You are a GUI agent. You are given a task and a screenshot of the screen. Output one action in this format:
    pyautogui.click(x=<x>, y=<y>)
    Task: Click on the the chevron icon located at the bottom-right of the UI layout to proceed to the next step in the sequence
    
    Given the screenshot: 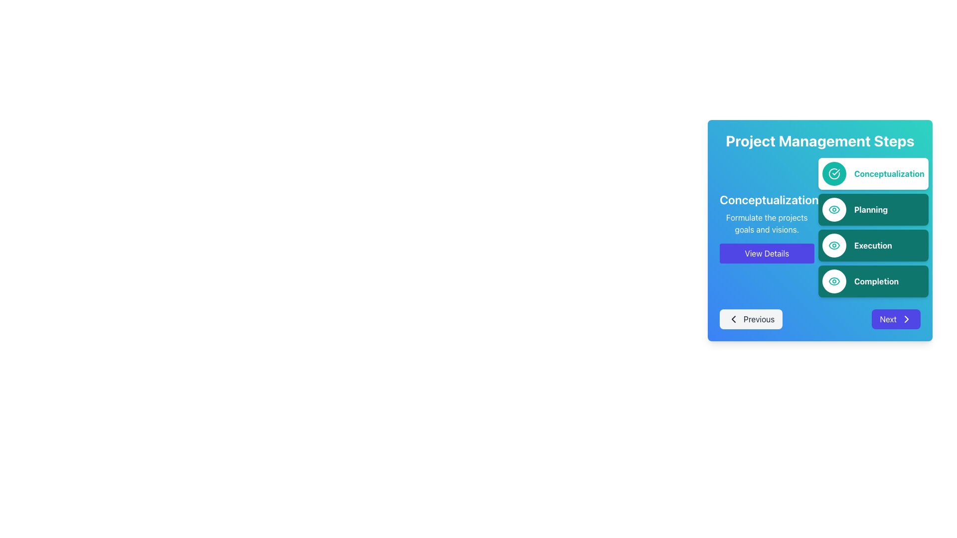 What is the action you would take?
    pyautogui.click(x=907, y=319)
    